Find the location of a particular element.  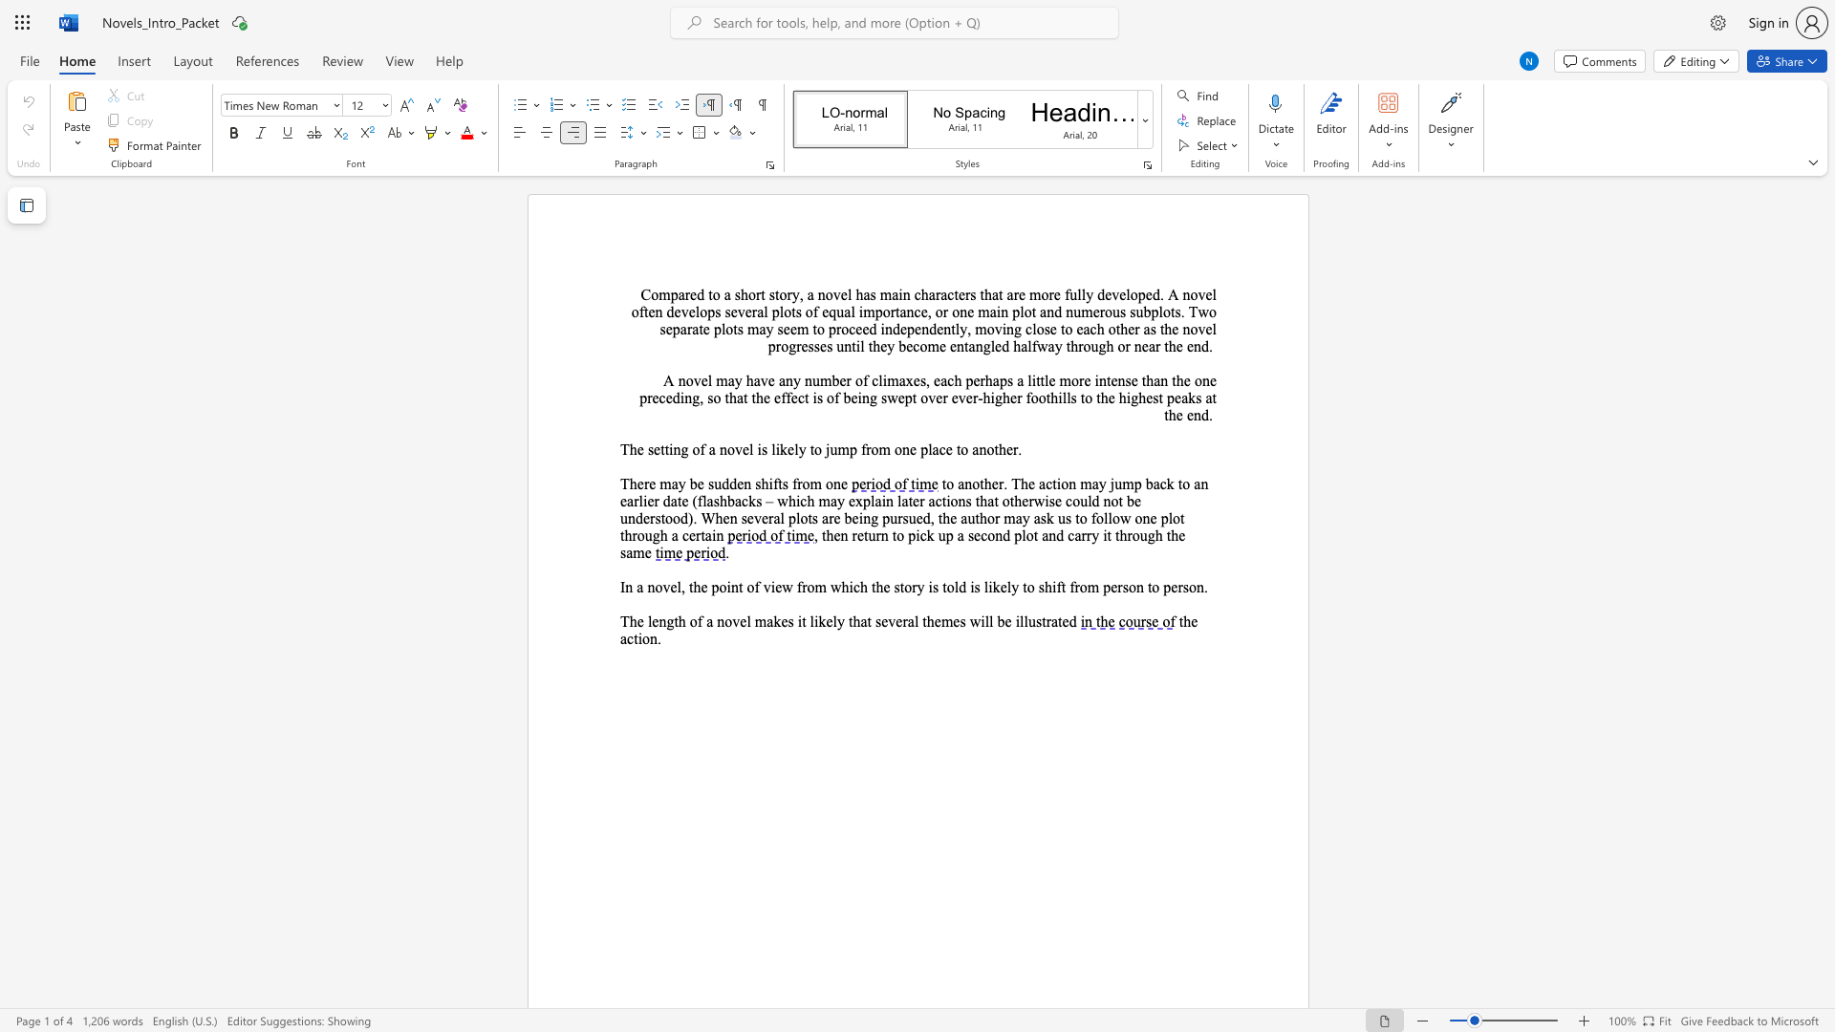

the subset text "l they become entangled halfway" within the text "independently, moving close to each other as the novel progresses until they become entangled halfway through or near the end." is located at coordinates (859, 346).